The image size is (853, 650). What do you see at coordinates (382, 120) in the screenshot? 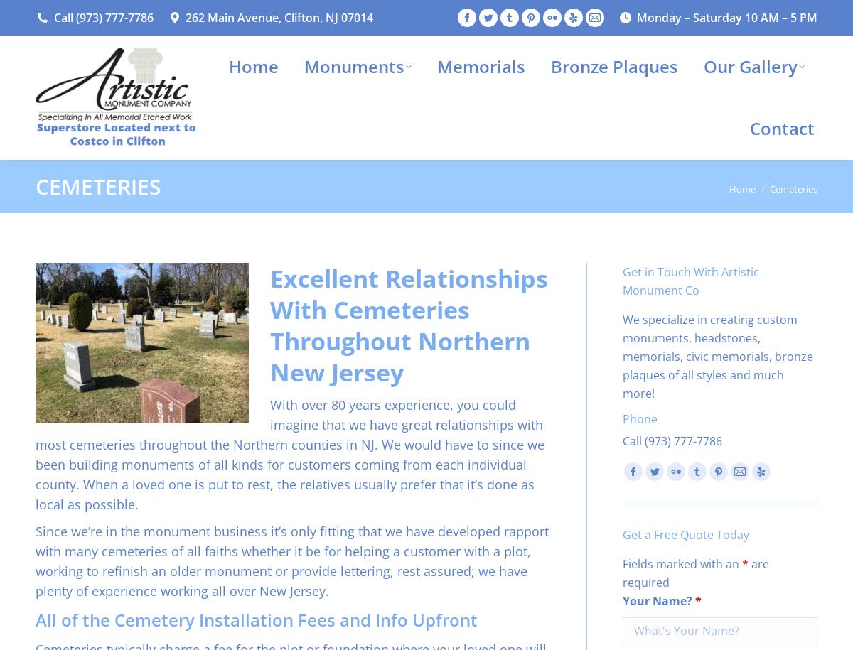
I see `'Custom Monuments'` at bounding box center [382, 120].